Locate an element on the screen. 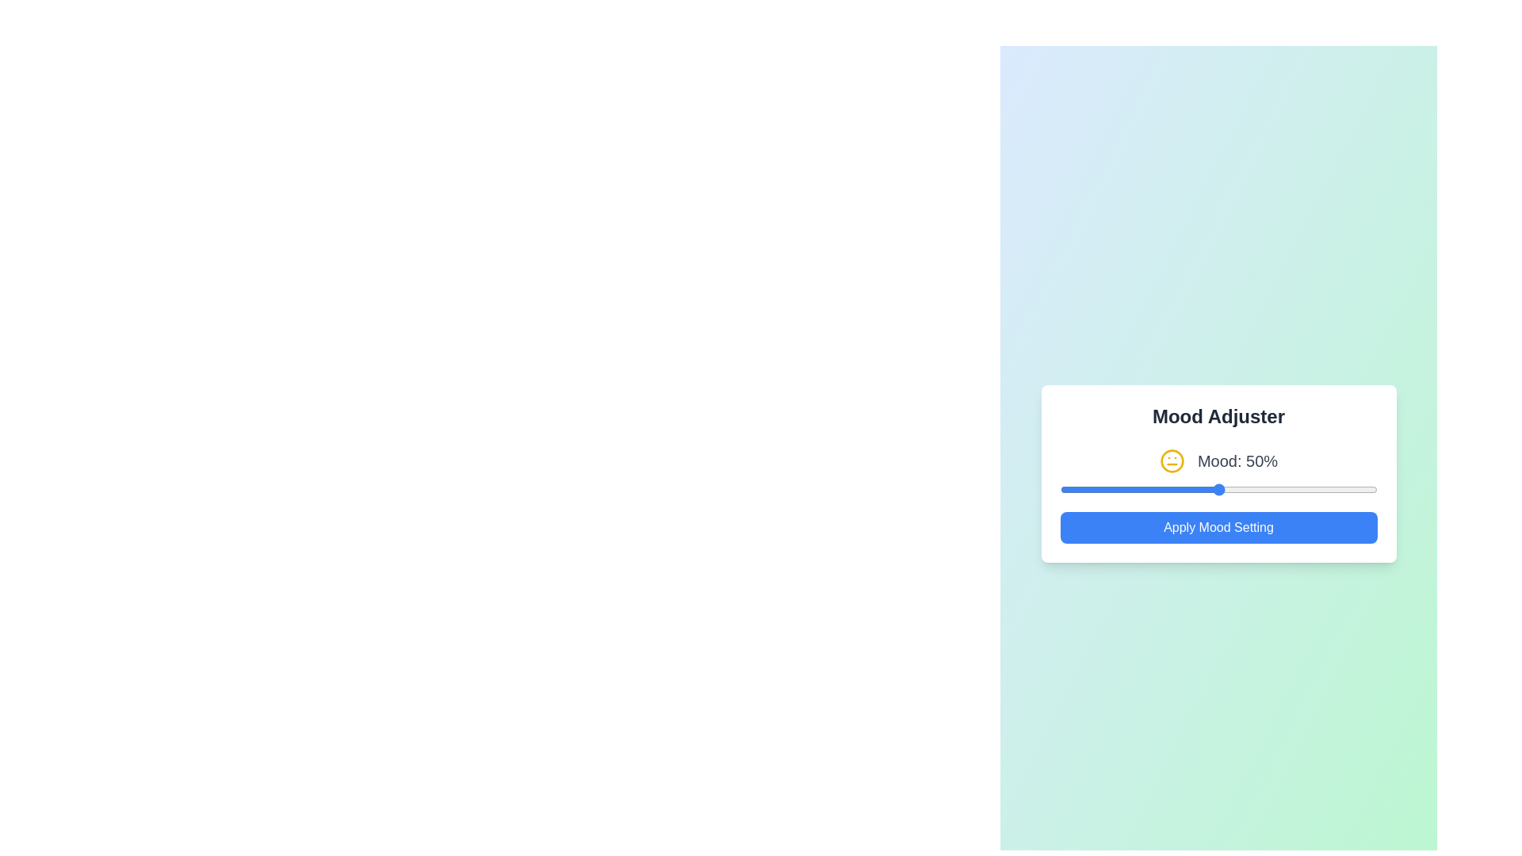 This screenshot has width=1522, height=856. the mood slider to set the mood value to 91% is located at coordinates (1348, 488).